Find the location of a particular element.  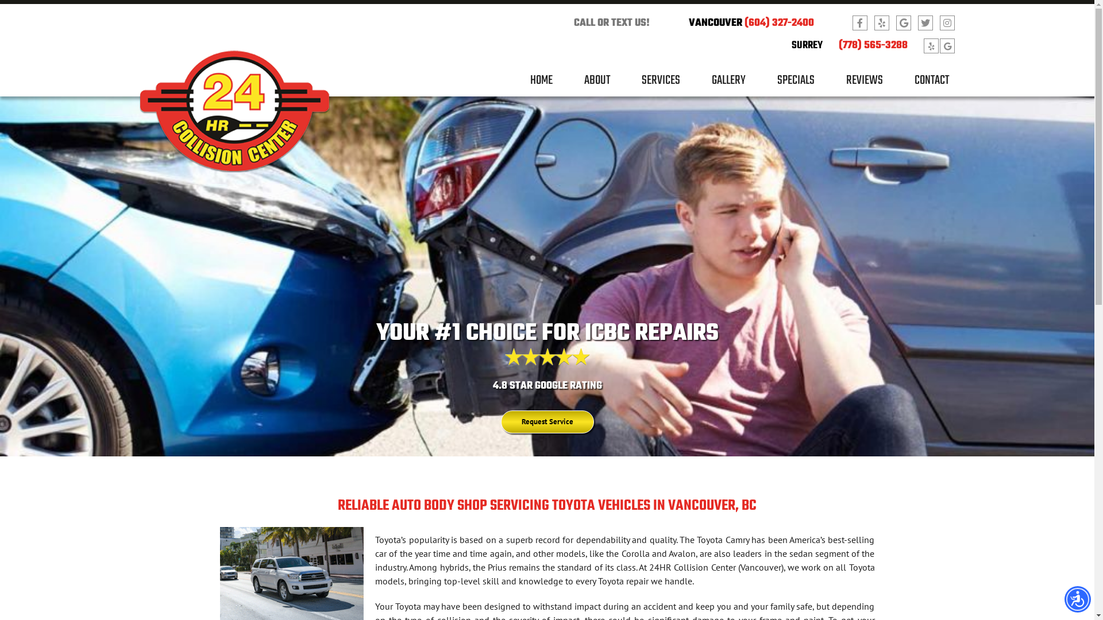

'GALLERY' is located at coordinates (711, 84).